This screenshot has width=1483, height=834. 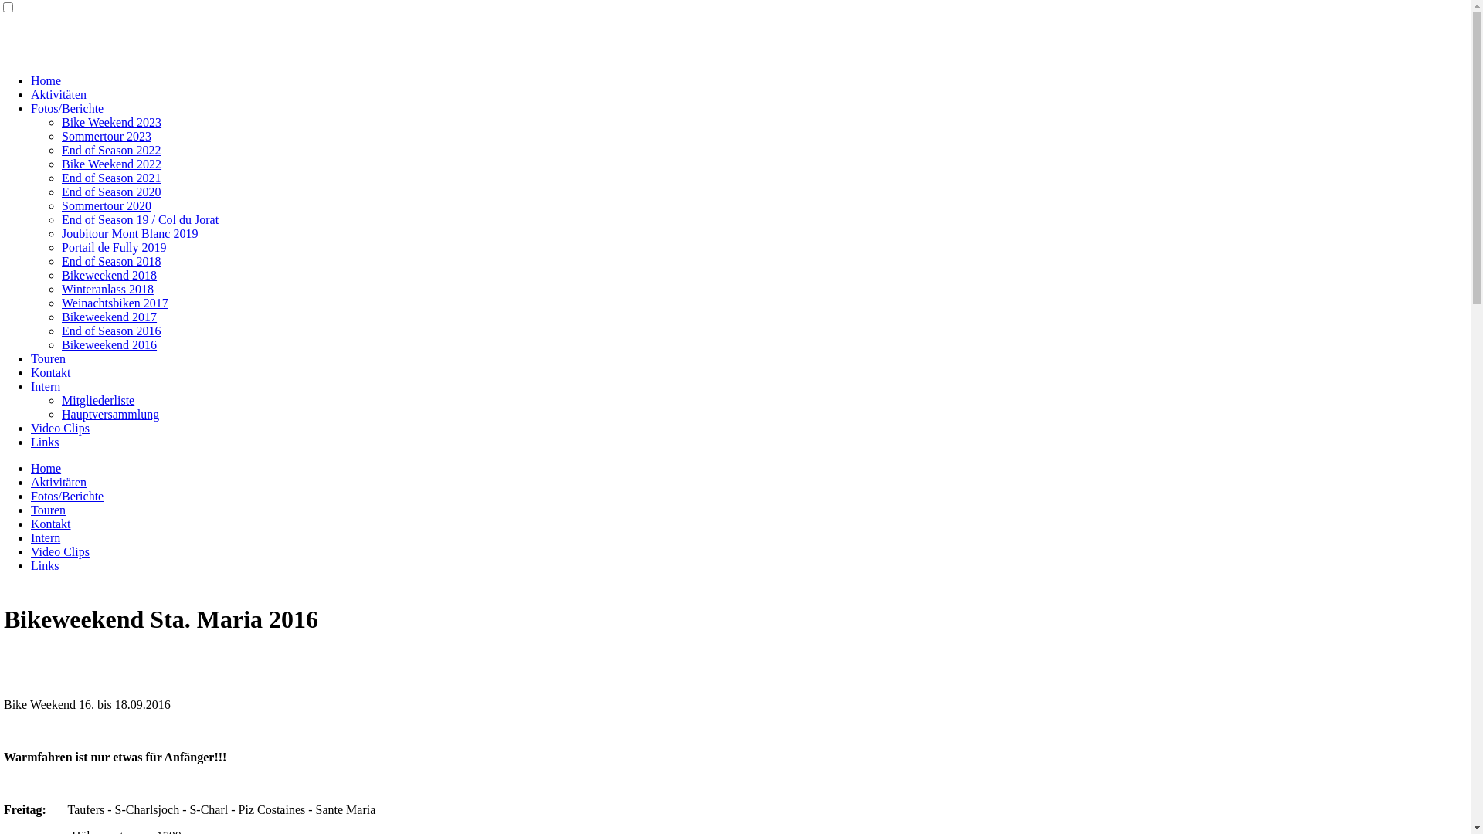 I want to click on 'Sommertour 2023', so click(x=62, y=135).